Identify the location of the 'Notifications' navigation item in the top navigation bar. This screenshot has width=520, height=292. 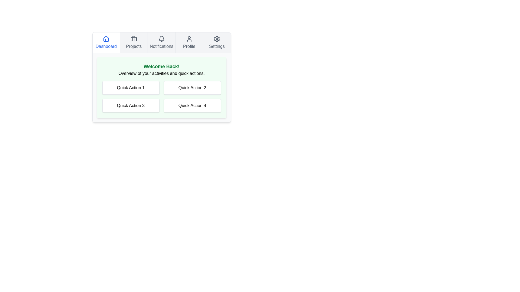
(161, 42).